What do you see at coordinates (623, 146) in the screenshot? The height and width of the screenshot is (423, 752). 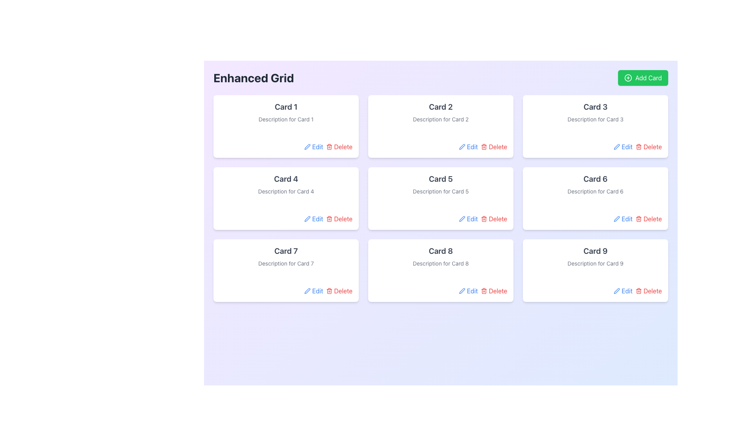 I see `the blue 'Edit' hyperlink located in the footer area of 'Card 3'` at bounding box center [623, 146].